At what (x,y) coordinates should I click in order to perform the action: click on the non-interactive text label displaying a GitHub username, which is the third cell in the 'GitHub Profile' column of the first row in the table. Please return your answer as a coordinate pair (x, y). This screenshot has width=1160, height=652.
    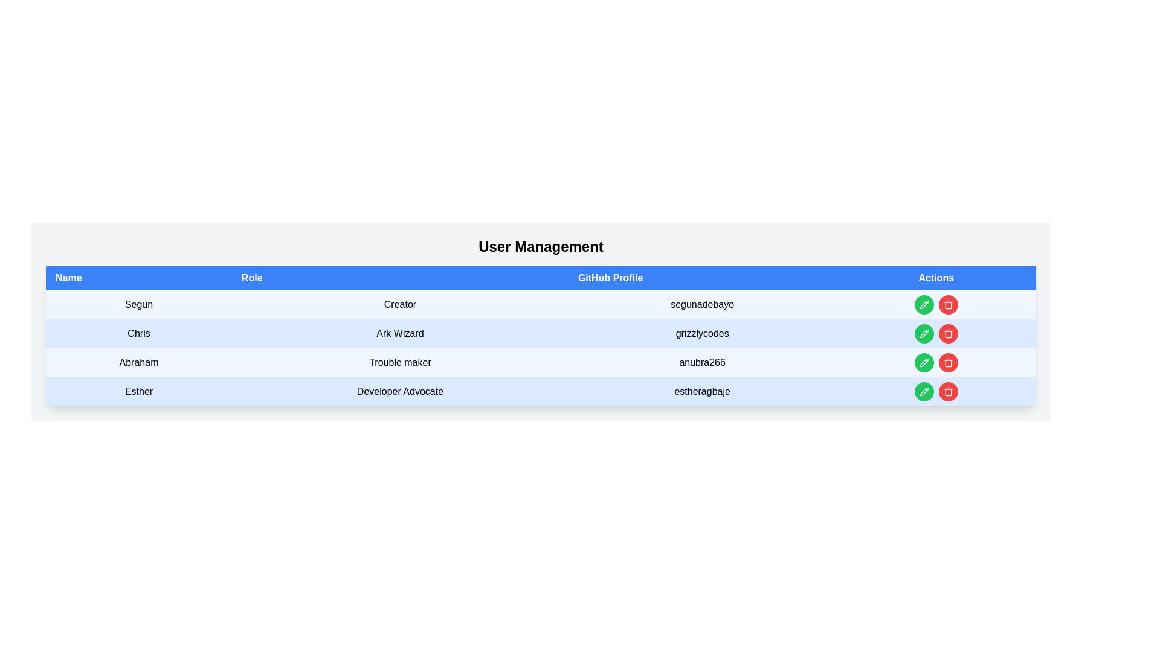
    Looking at the image, I should click on (702, 304).